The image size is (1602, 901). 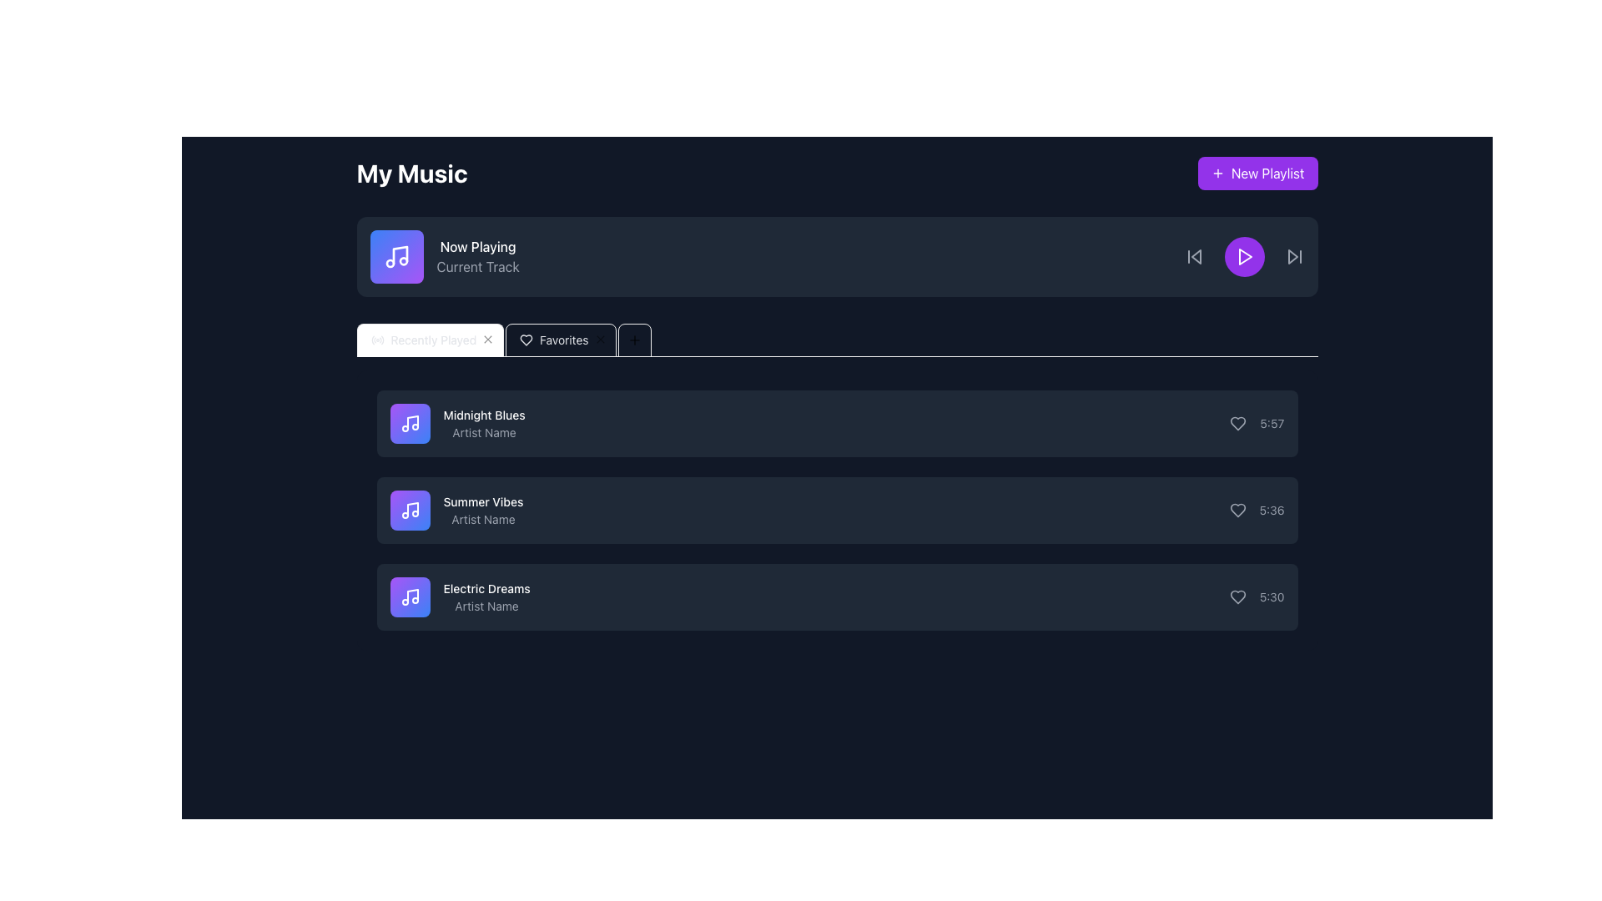 I want to click on the 'Recently Played' tab, which is the first tab in the horizontal list located in the upper-mid section of the interface, so click(x=430, y=340).